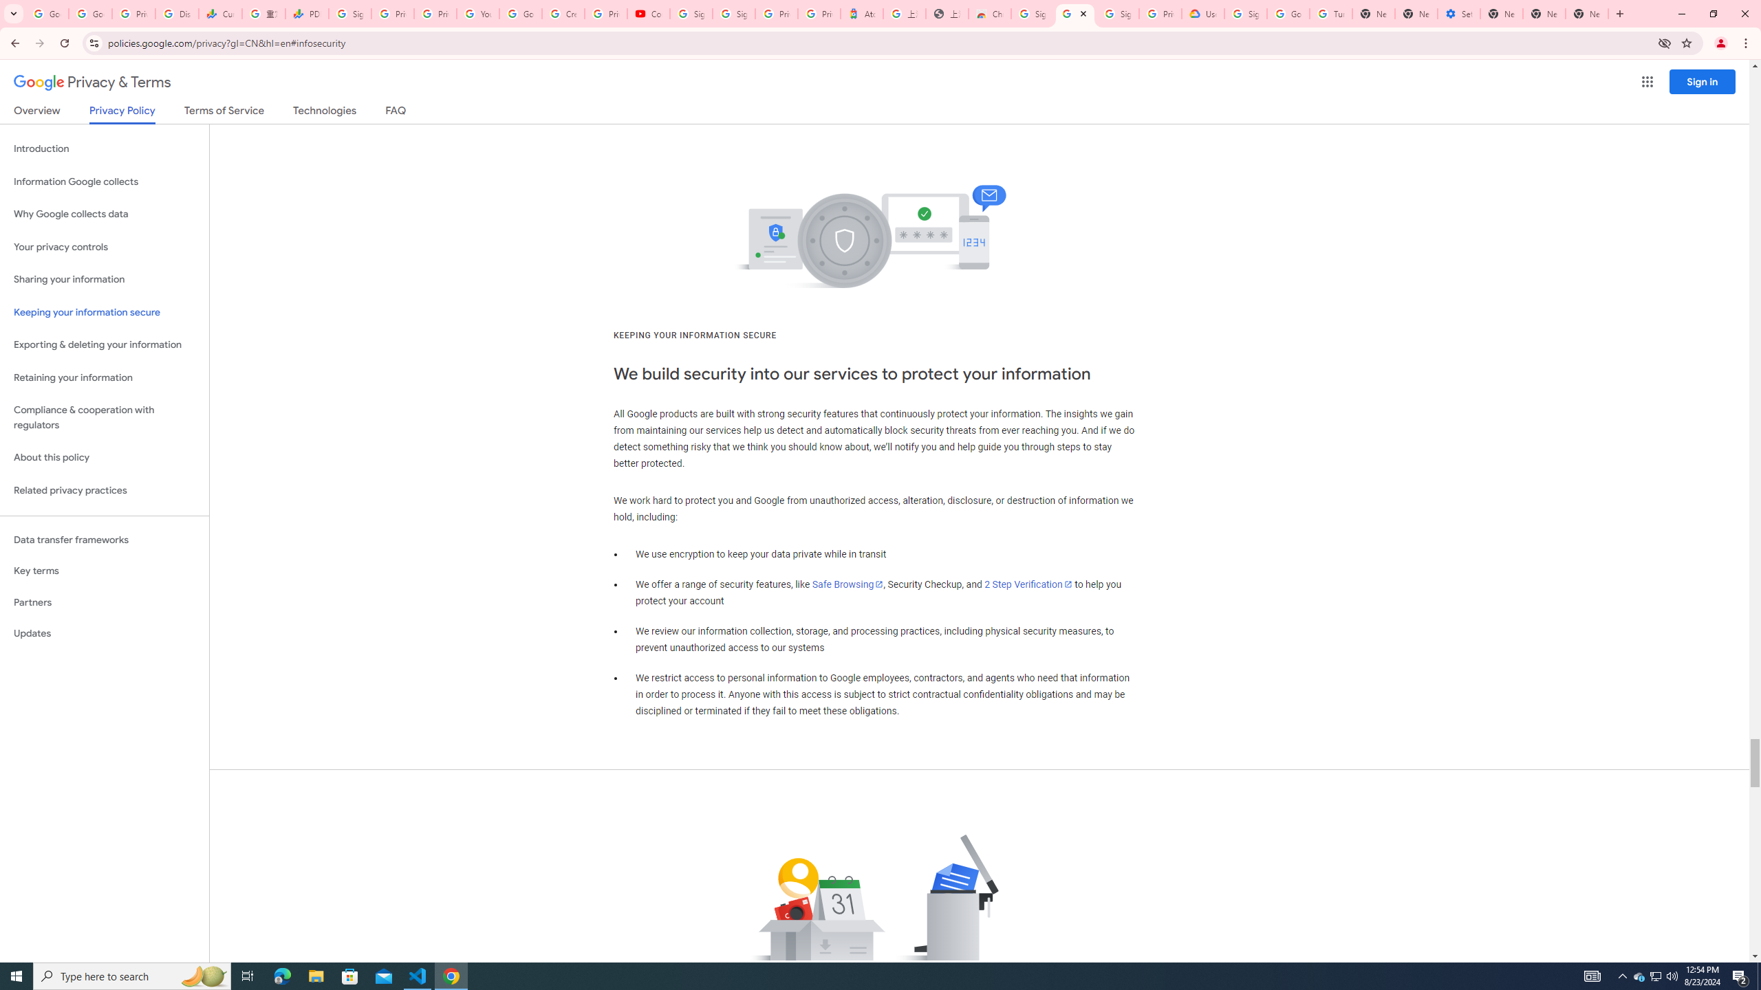  I want to click on '2 Step Verification', so click(1028, 584).